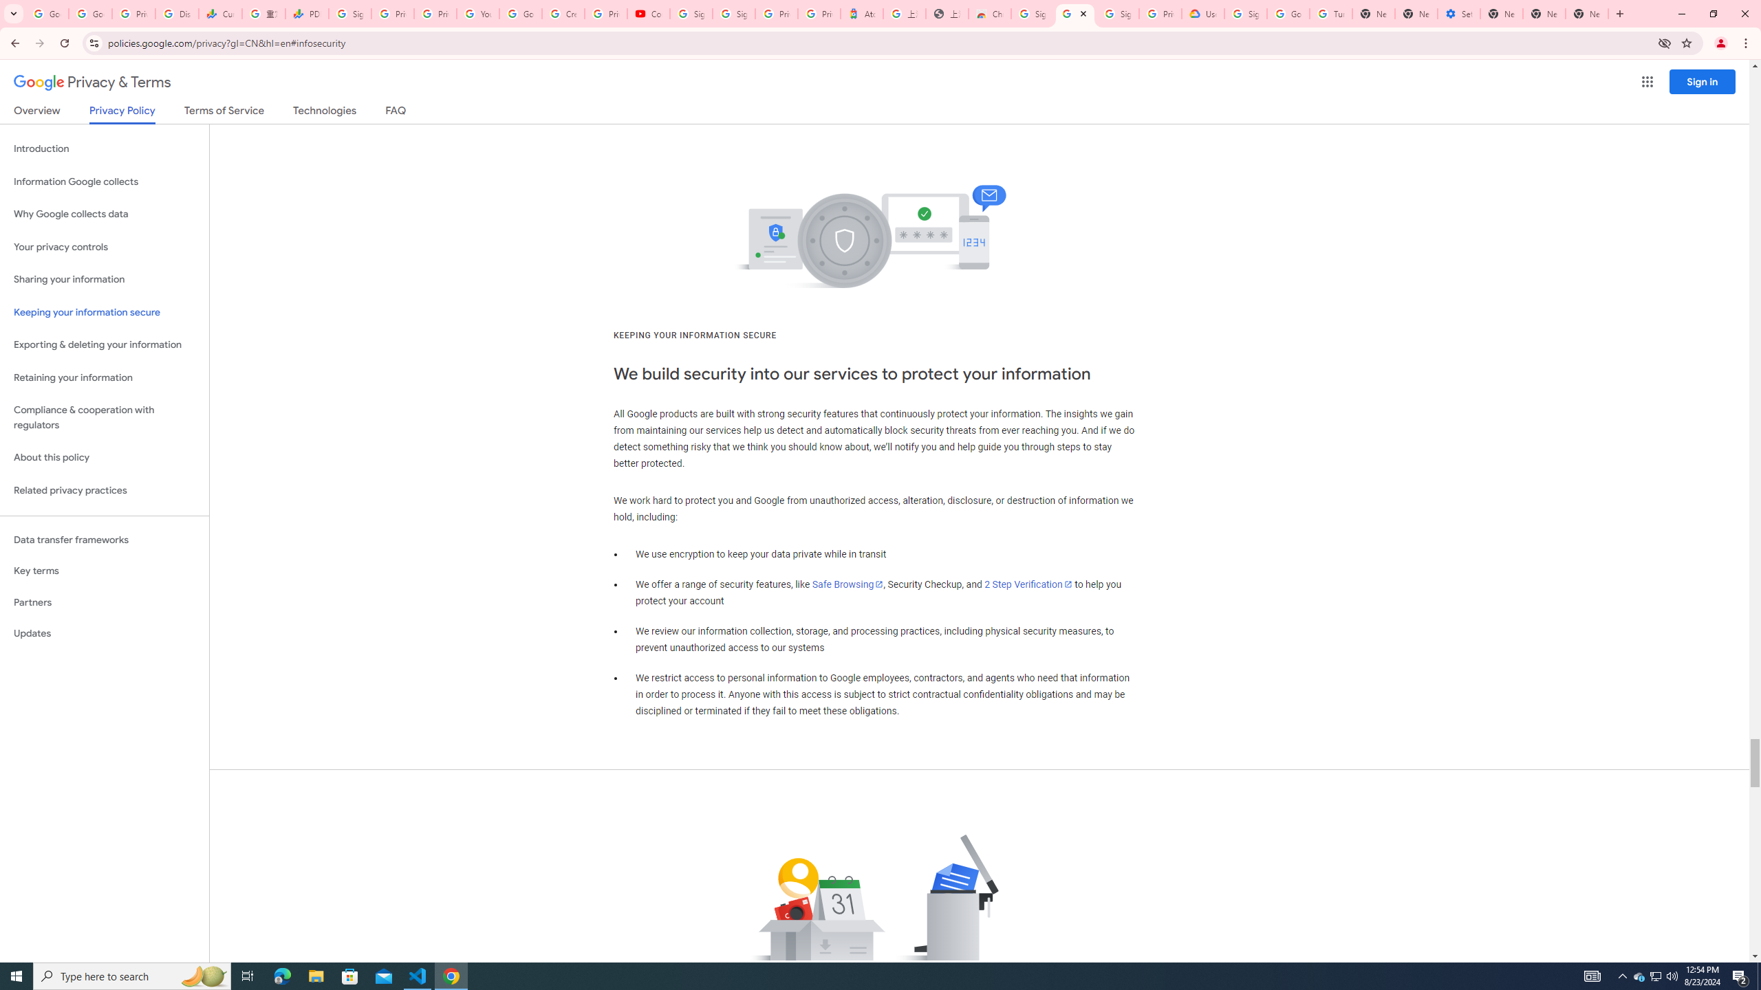  I want to click on '2 Step Verification', so click(1028, 584).